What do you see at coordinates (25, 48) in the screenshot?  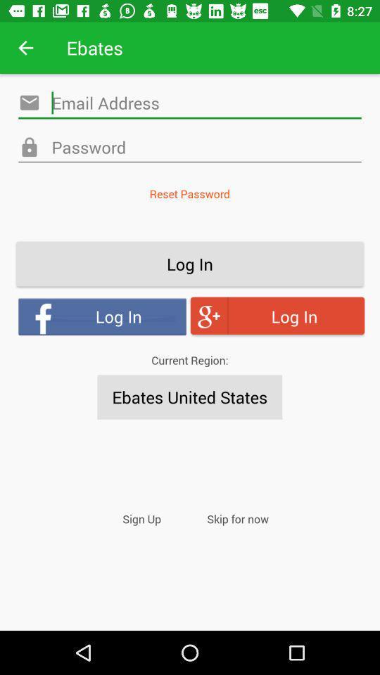 I see `the item to the left of ebates item` at bounding box center [25, 48].